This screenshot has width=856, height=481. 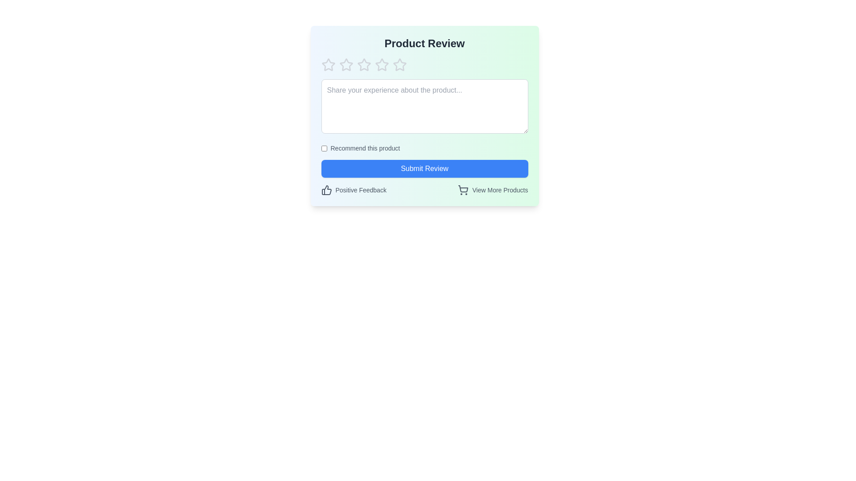 What do you see at coordinates (399, 65) in the screenshot?
I see `the product rating to 5 stars by clicking on the respective star` at bounding box center [399, 65].